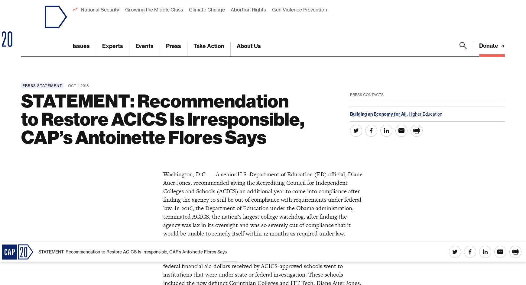 This screenshot has height=285, width=526. I want to click on 'STATEMENT: Recommendation to Restore ACICS Is Irresponsible, CAP’s Antoinette Flores Says', so click(132, 10).